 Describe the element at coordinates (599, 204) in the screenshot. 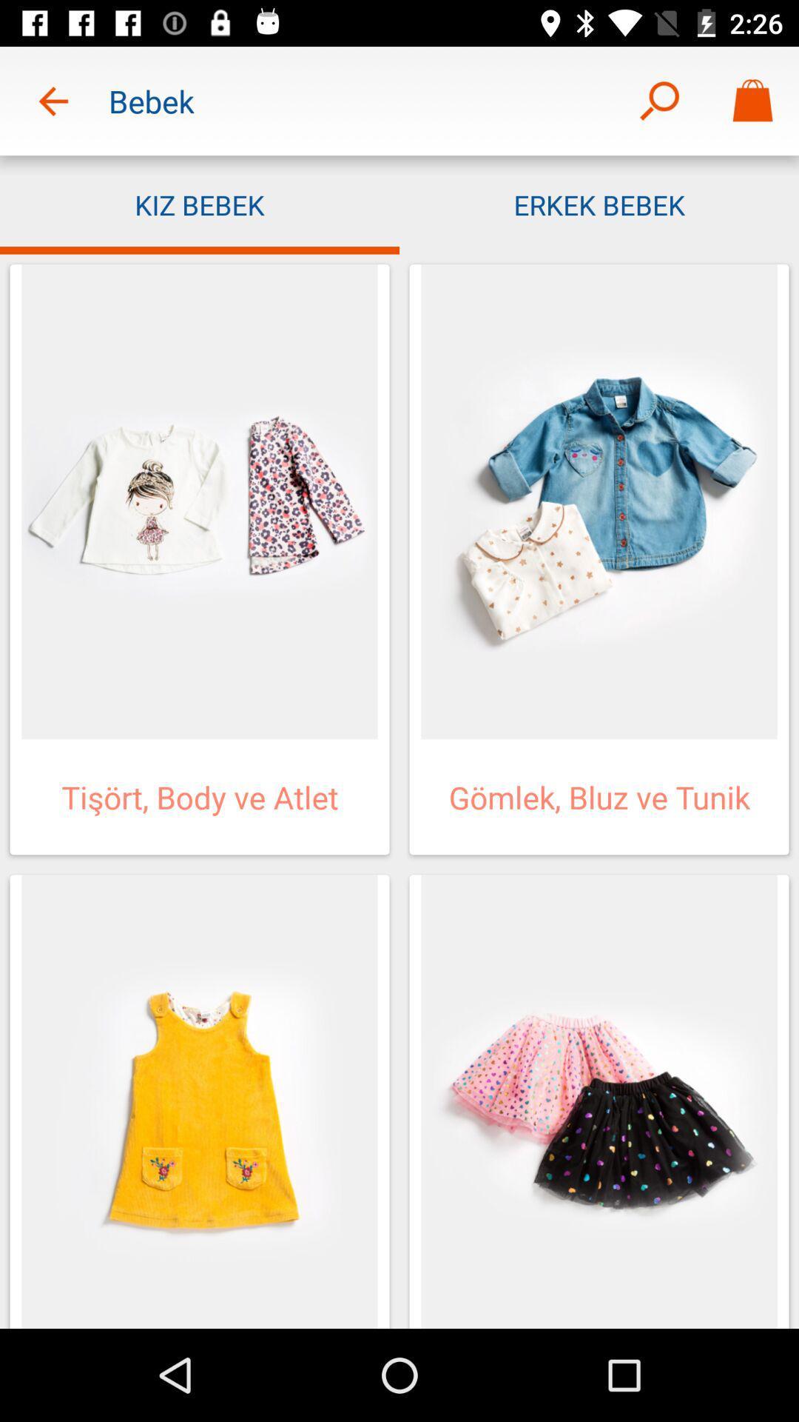

I see `the erkek bebek app` at that location.